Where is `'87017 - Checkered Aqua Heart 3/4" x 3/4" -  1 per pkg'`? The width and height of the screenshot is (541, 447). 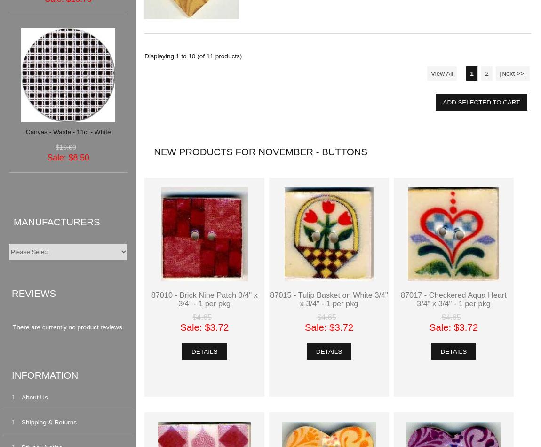
'87017 - Checkered Aqua Heart 3/4" x 3/4" -  1 per pkg' is located at coordinates (453, 298).